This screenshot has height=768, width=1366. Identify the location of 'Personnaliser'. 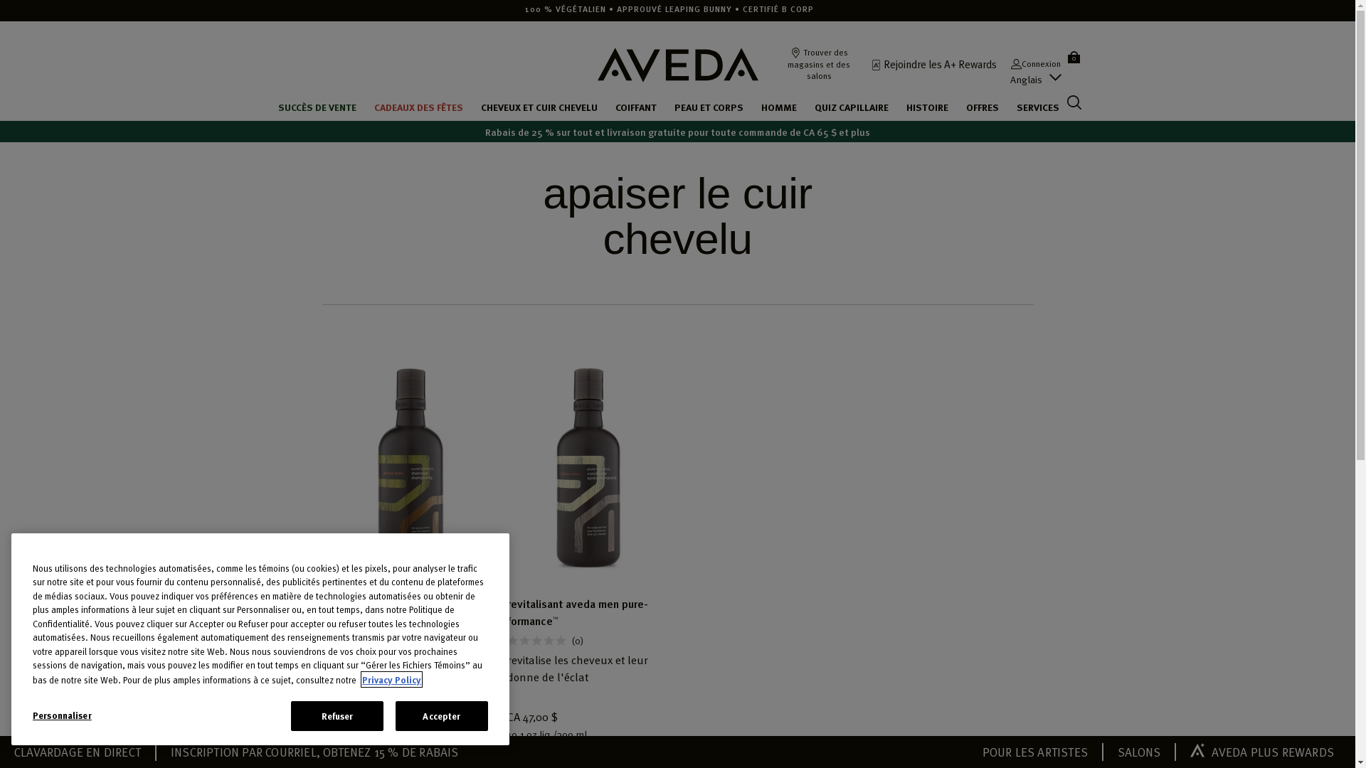
(94, 715).